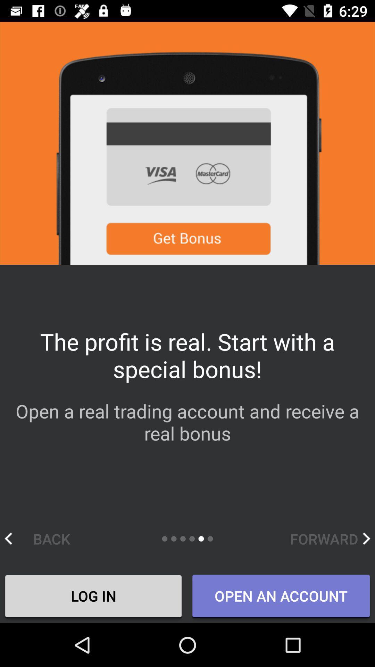  Describe the element at coordinates (44, 538) in the screenshot. I see `the back` at that location.